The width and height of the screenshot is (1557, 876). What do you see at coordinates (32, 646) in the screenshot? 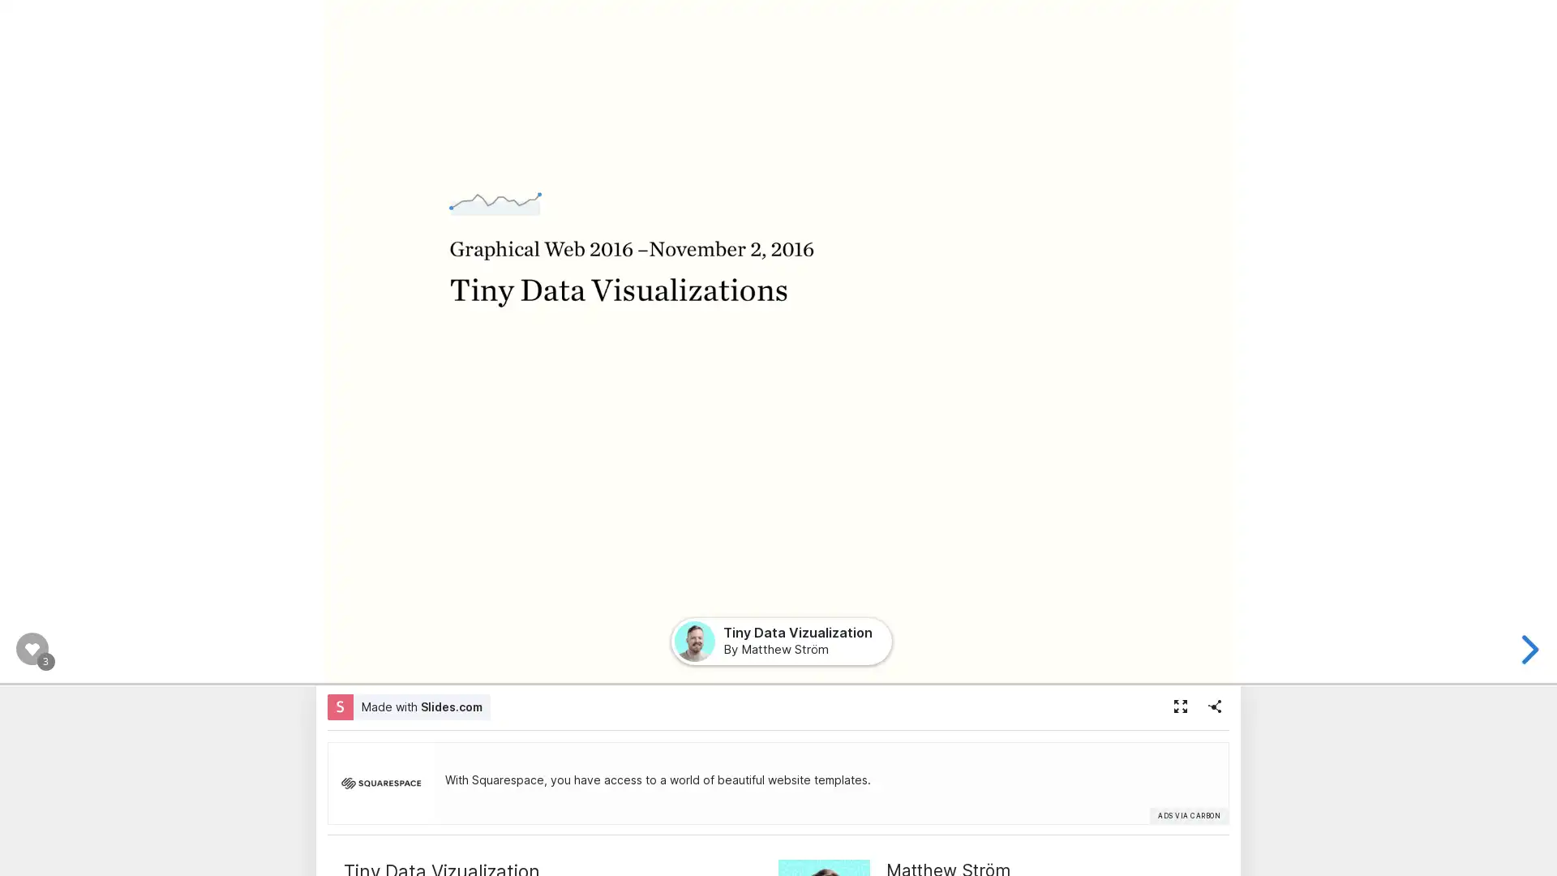
I see `3` at bounding box center [32, 646].